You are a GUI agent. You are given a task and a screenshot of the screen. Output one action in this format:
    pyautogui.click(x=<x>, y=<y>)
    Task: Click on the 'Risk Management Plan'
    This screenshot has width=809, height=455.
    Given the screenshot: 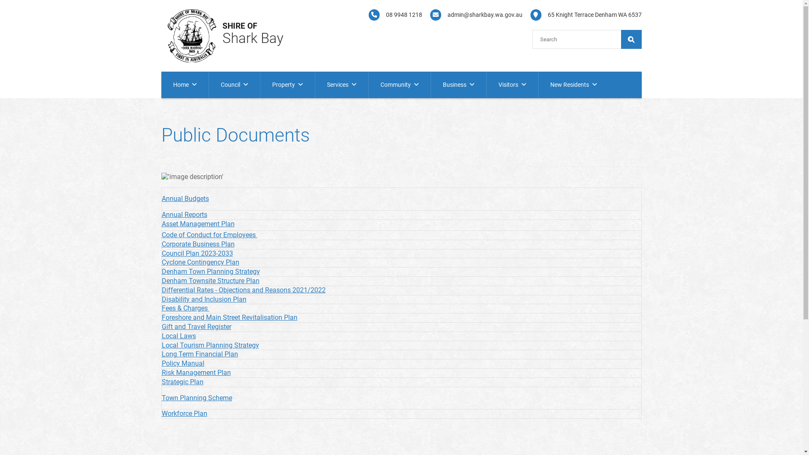 What is the action you would take?
    pyautogui.click(x=196, y=372)
    